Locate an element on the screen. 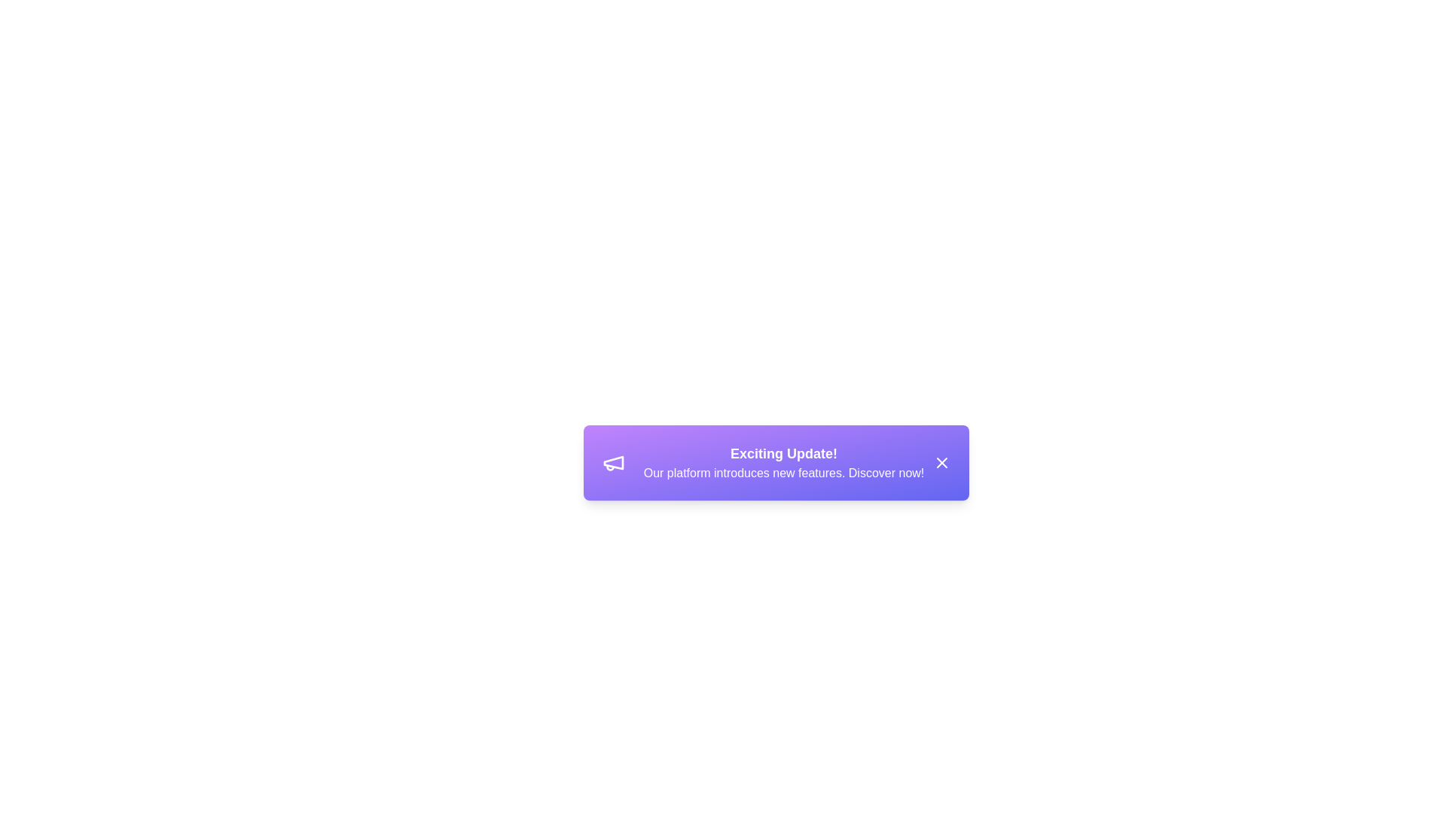 The height and width of the screenshot is (813, 1446). the icon next to the alert text to reveal additional context is located at coordinates (614, 461).